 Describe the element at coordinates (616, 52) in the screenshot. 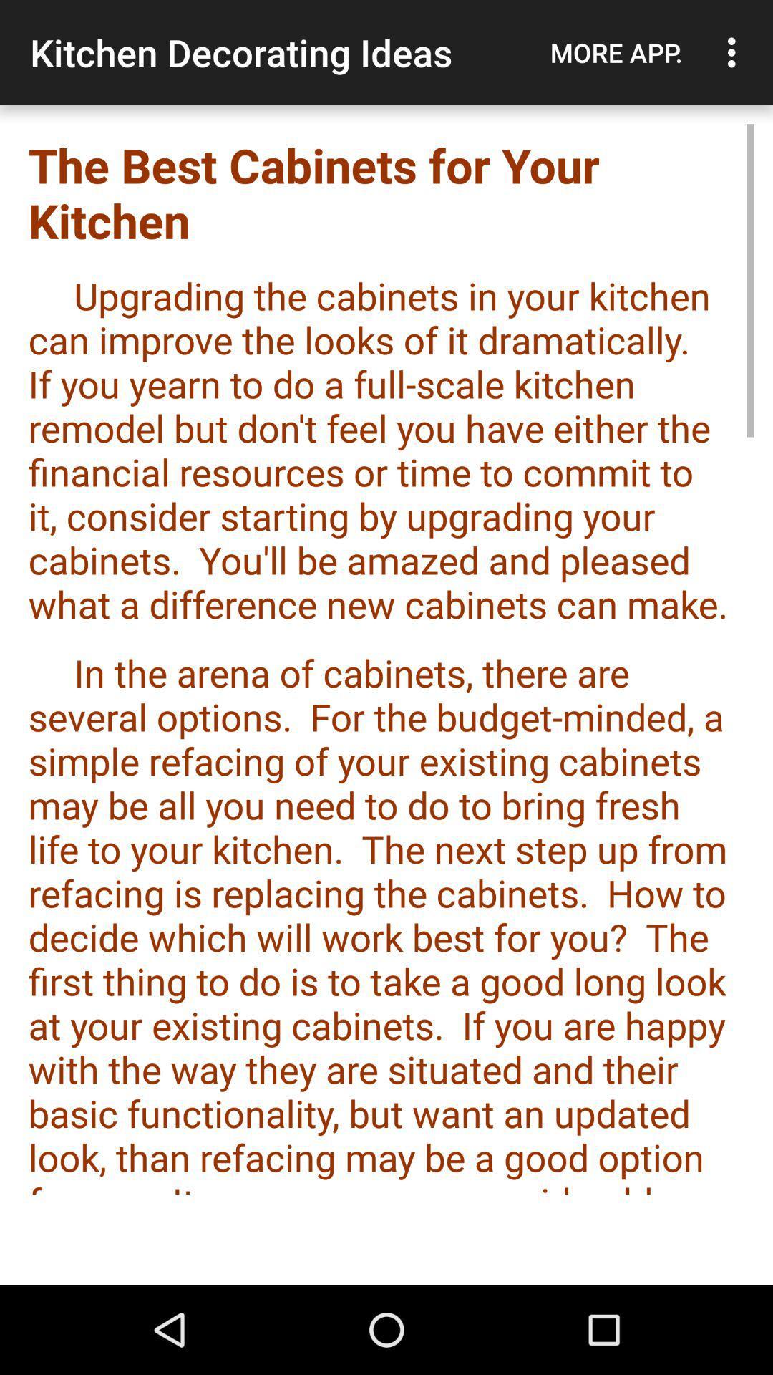

I see `the more app. item` at that location.